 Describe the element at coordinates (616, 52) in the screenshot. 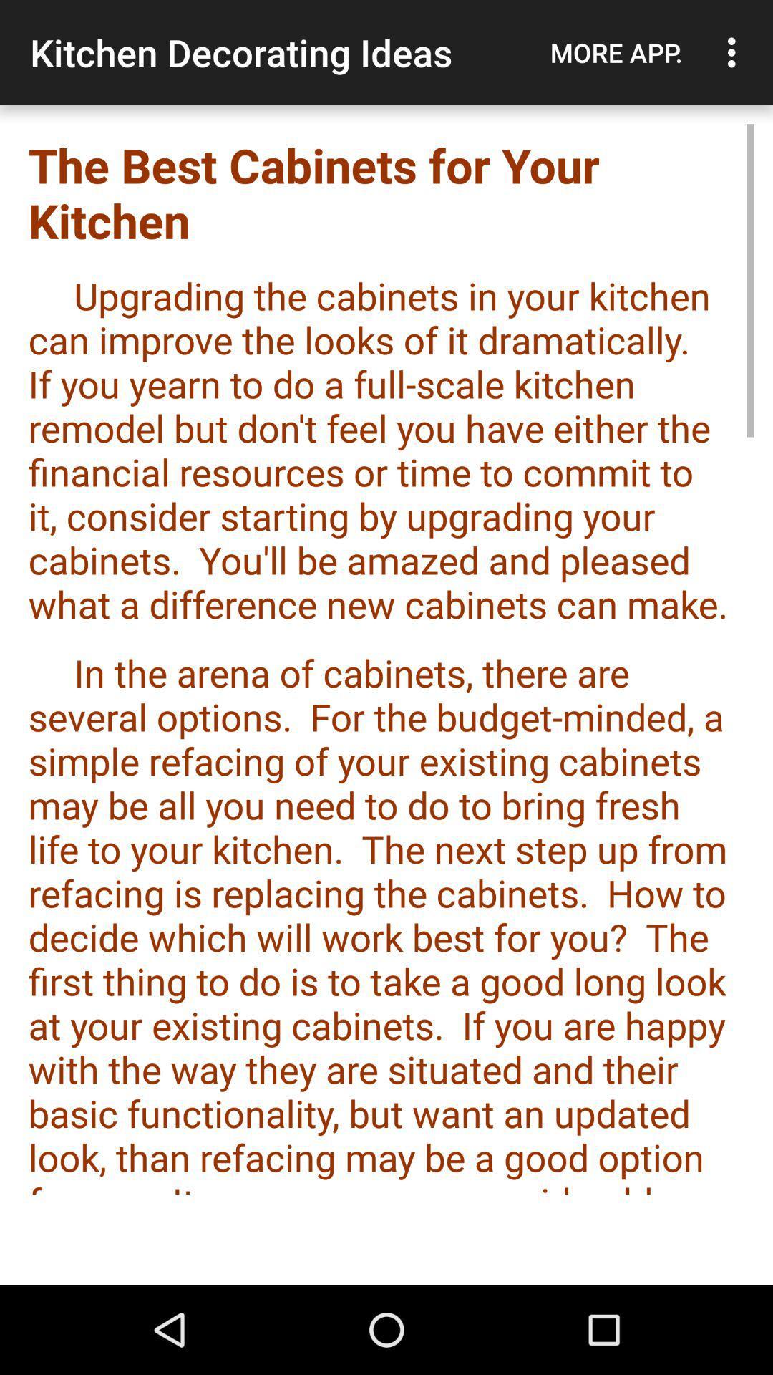

I see `the more app. item` at that location.